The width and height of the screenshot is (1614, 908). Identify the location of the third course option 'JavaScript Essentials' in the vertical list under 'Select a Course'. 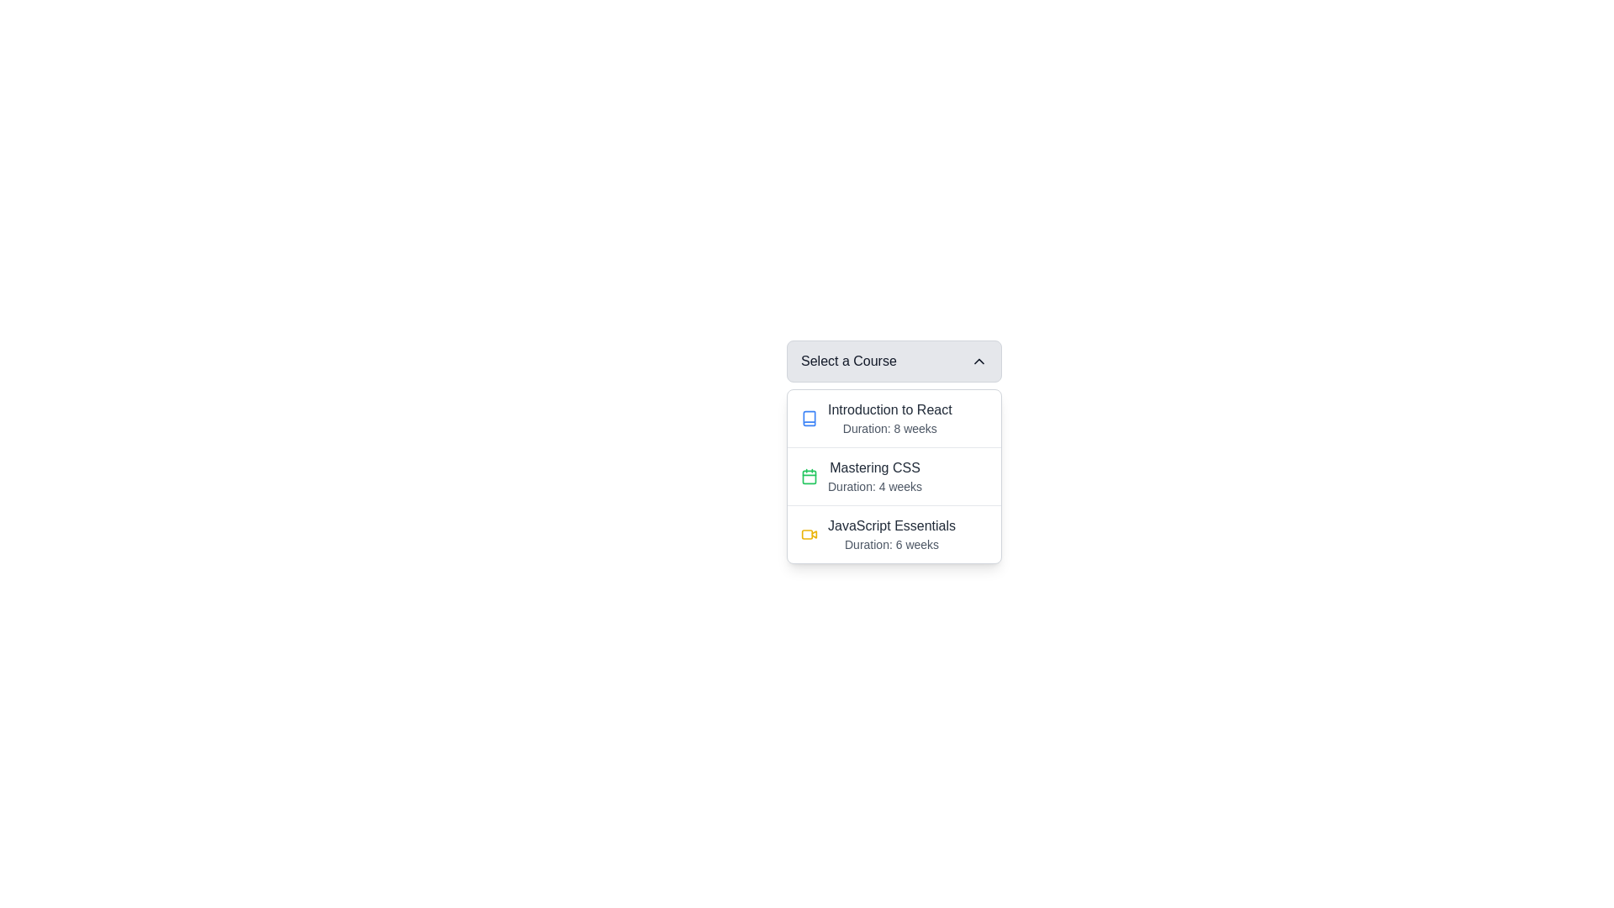
(894, 534).